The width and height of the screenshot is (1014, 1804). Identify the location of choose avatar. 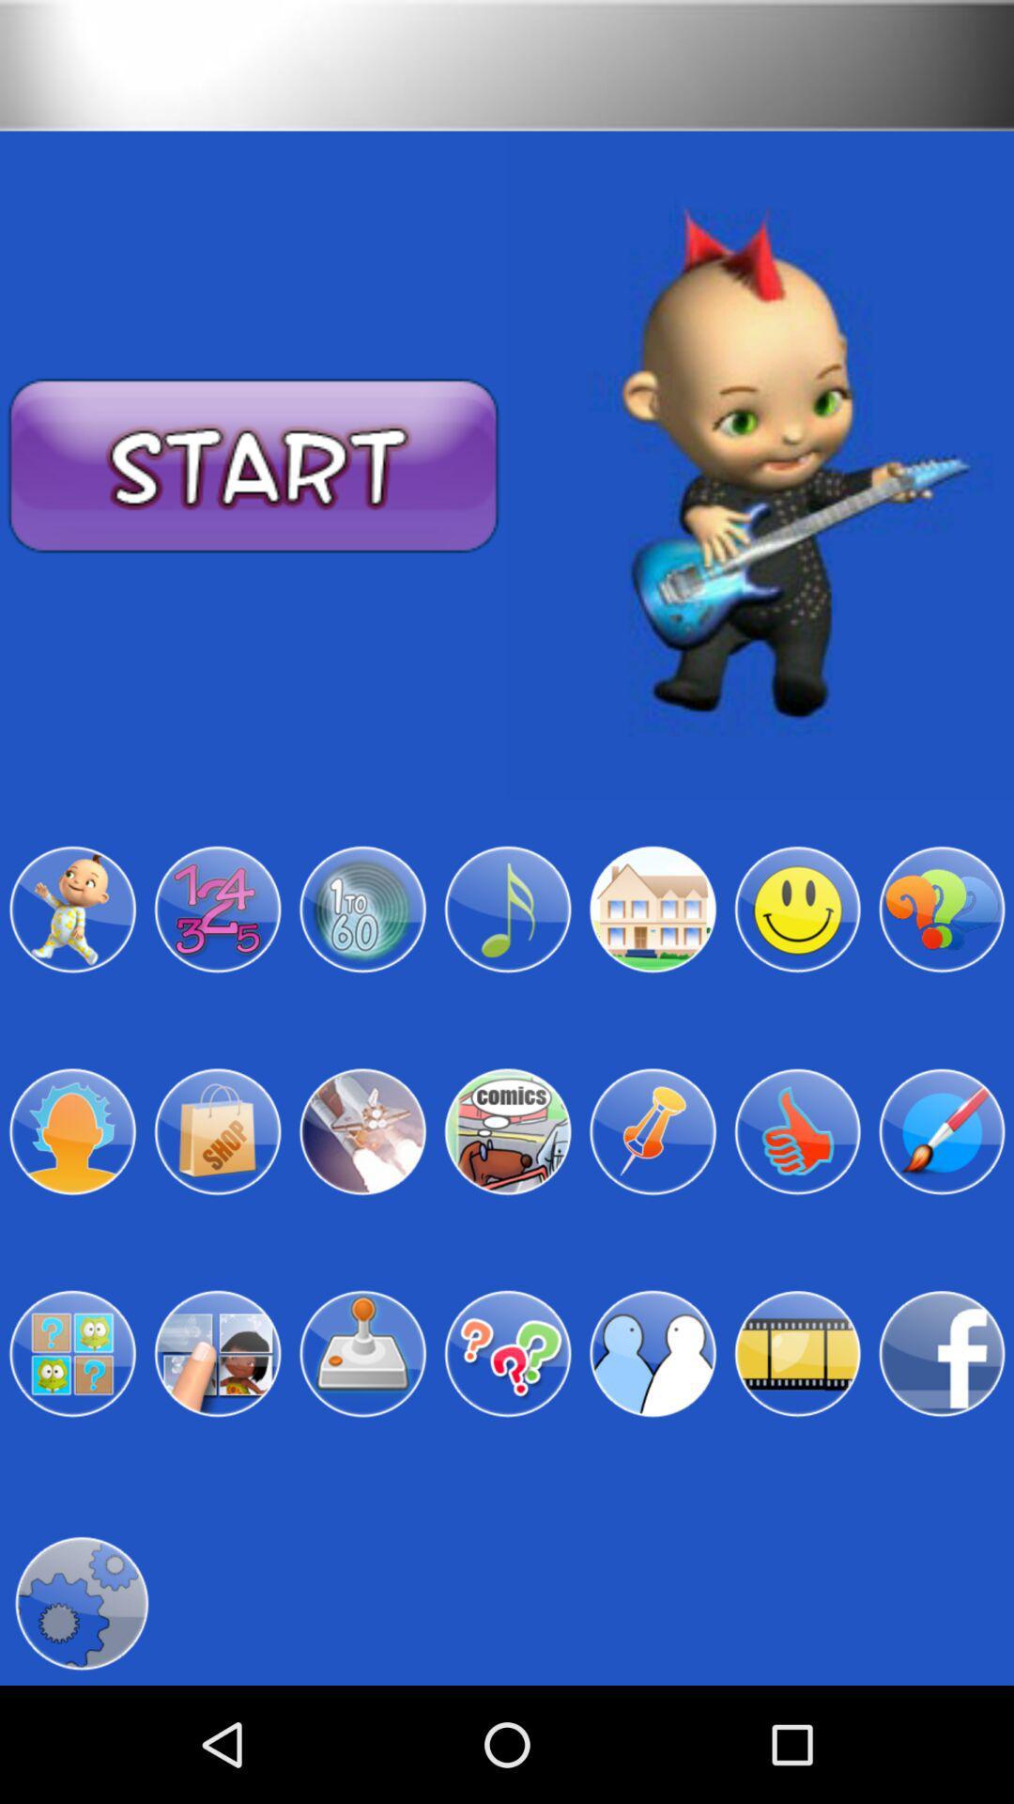
(71, 1130).